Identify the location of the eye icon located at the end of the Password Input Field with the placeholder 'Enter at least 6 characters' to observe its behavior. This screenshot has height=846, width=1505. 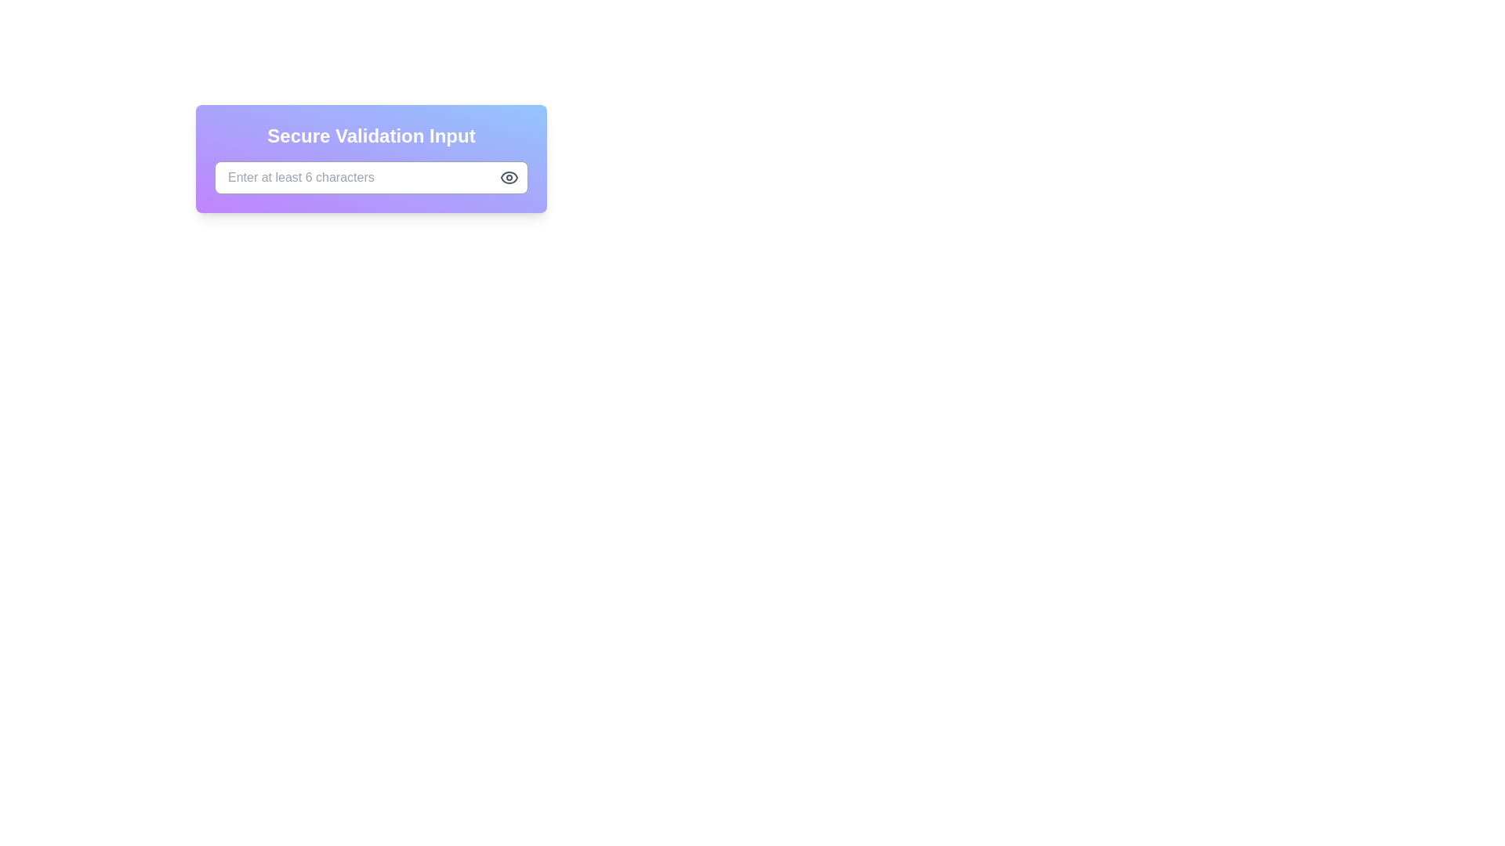
(371, 177).